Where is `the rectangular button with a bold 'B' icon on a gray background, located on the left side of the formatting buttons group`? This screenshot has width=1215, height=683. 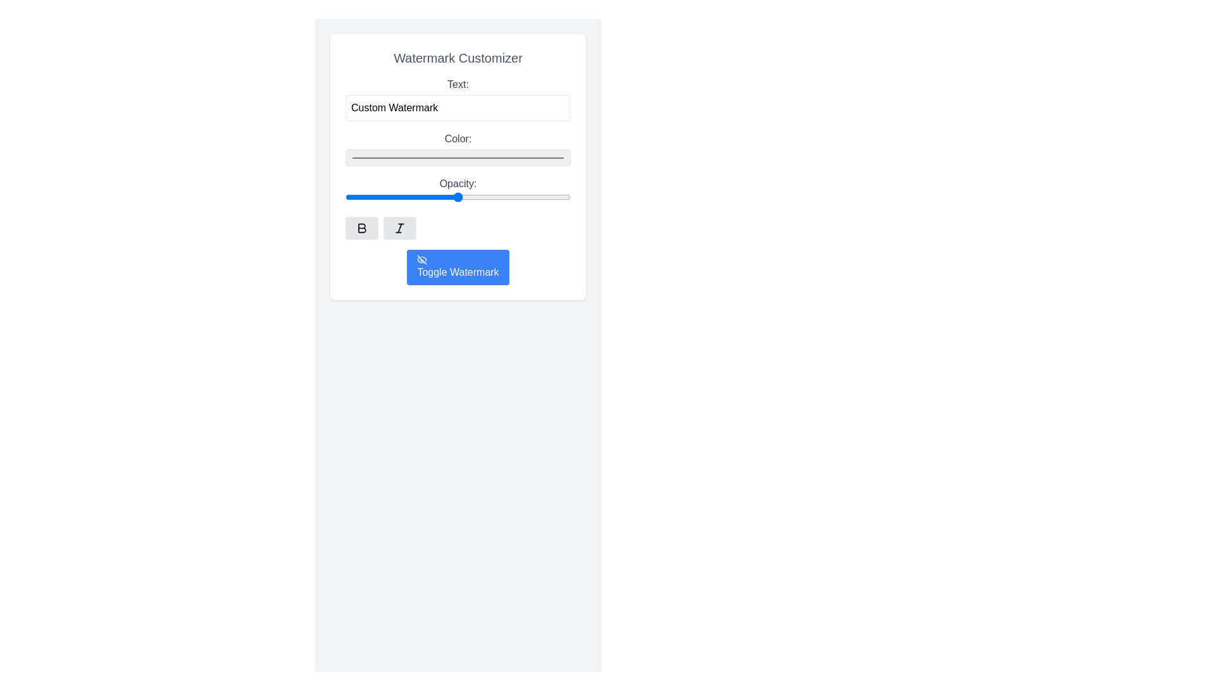 the rectangular button with a bold 'B' icon on a gray background, located on the left side of the formatting buttons group is located at coordinates (361, 228).